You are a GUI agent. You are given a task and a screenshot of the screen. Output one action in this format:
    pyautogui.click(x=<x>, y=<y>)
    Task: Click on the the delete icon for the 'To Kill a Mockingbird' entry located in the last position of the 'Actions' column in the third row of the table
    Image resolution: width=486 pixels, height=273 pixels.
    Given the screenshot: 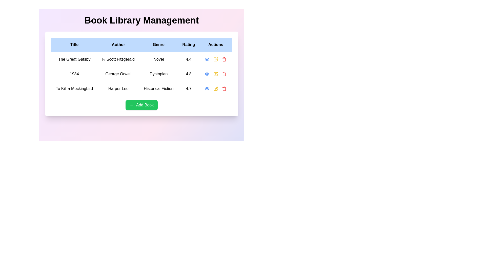 What is the action you would take?
    pyautogui.click(x=224, y=88)
    